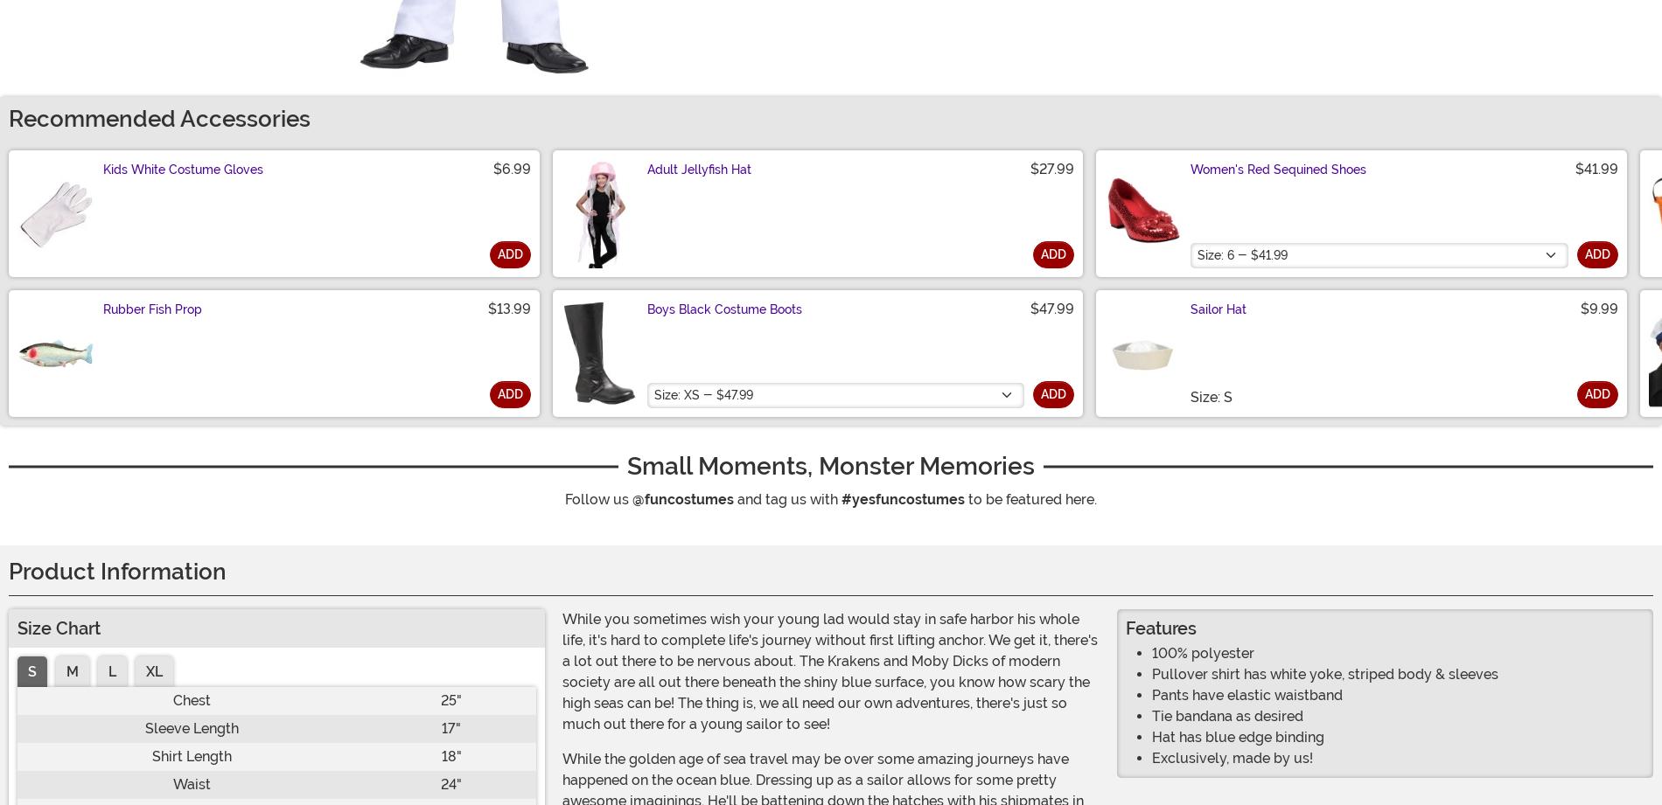  I want to click on 'Order Status', so click(582, 753).